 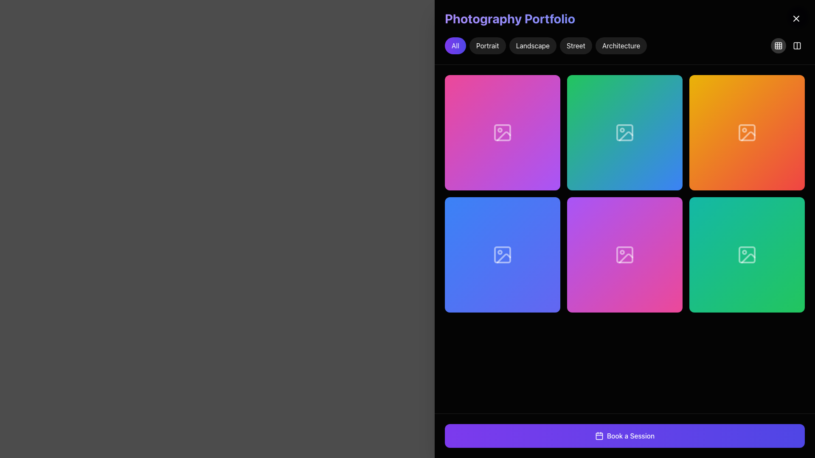 I want to click on the small, light pink square icon with rounded corners, which is embedded in the SVG graphic as an image placeholder located in the middle column of the bottom row, so click(x=625, y=254).